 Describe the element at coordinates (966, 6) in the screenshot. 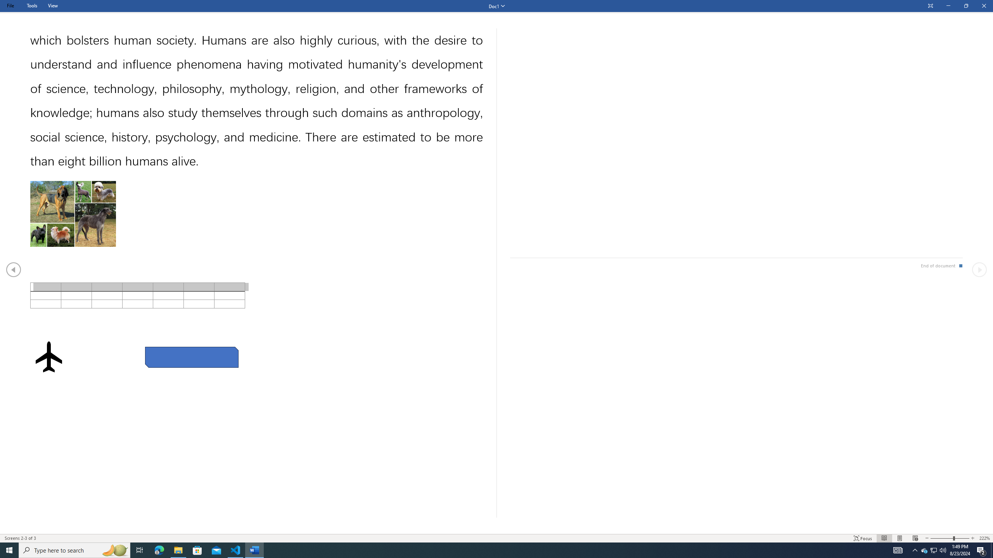

I see `'Restore Down'` at that location.